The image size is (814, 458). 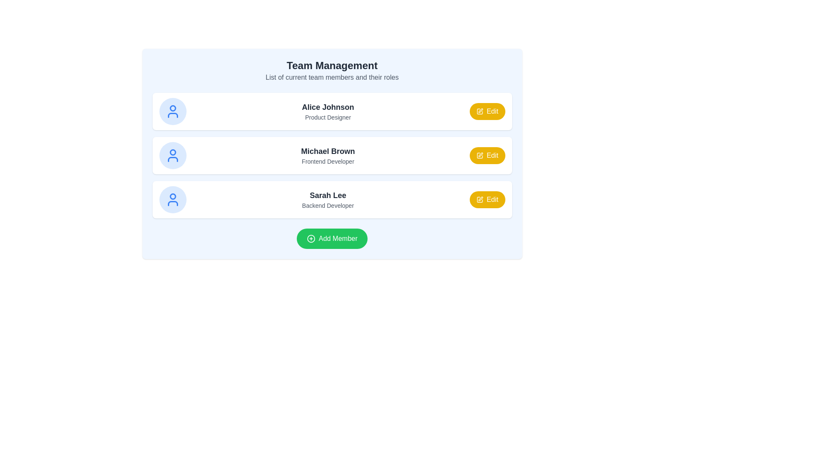 What do you see at coordinates (327, 111) in the screenshot?
I see `the Text Display element that shows 'Alice Johnson' and 'Product Designer', located in the second item of the team members list` at bounding box center [327, 111].